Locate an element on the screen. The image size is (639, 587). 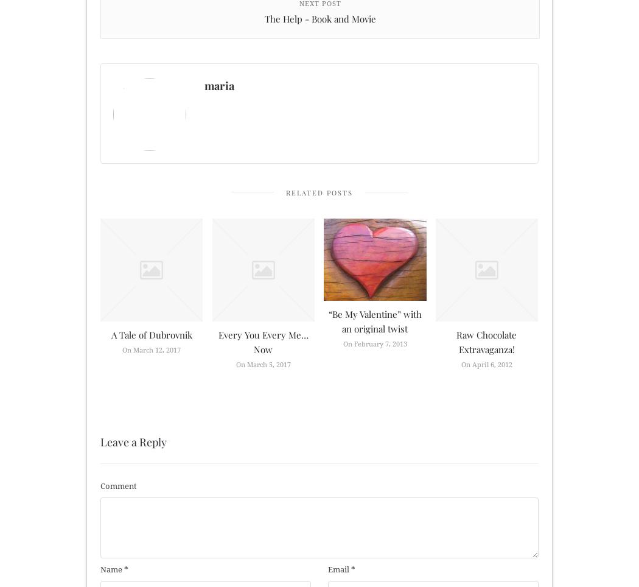
'Every You Every Me…Now' is located at coordinates (262, 342).